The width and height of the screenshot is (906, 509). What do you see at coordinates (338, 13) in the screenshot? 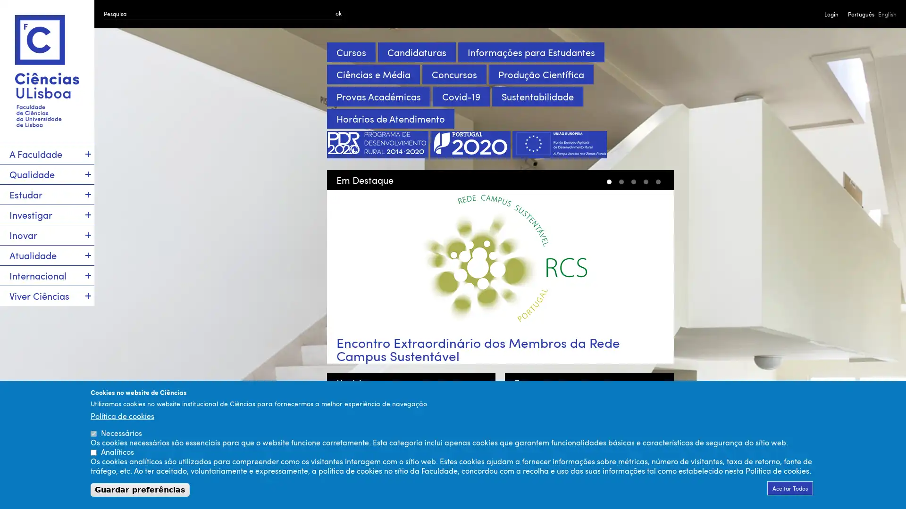
I see `ok` at bounding box center [338, 13].